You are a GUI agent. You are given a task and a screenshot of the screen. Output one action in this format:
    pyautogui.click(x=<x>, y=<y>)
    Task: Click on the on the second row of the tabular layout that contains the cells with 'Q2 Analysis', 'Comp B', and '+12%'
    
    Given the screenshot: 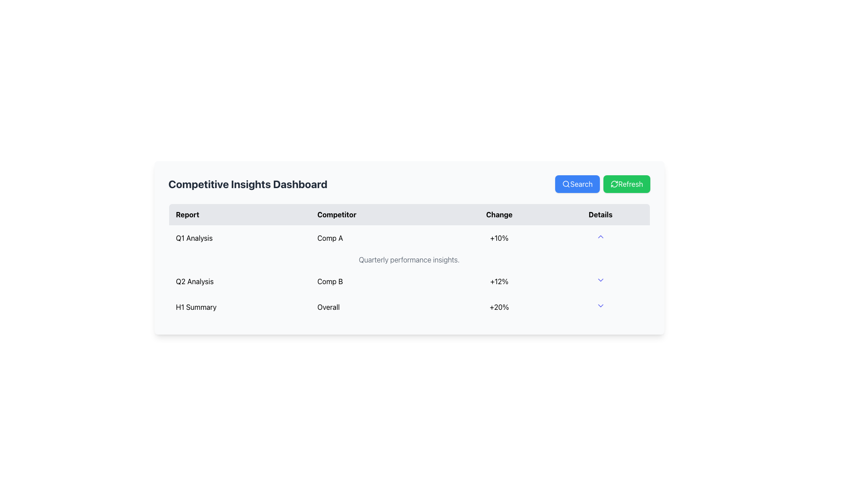 What is the action you would take?
    pyautogui.click(x=409, y=281)
    